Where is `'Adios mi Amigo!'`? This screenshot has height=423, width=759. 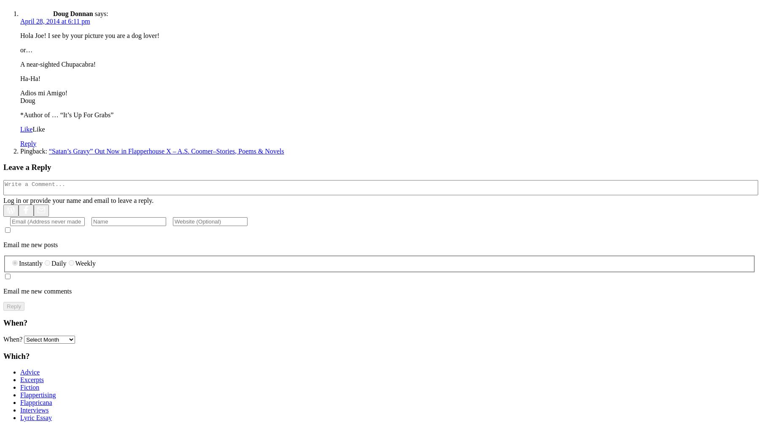
'Adios mi Amigo!' is located at coordinates (43, 92).